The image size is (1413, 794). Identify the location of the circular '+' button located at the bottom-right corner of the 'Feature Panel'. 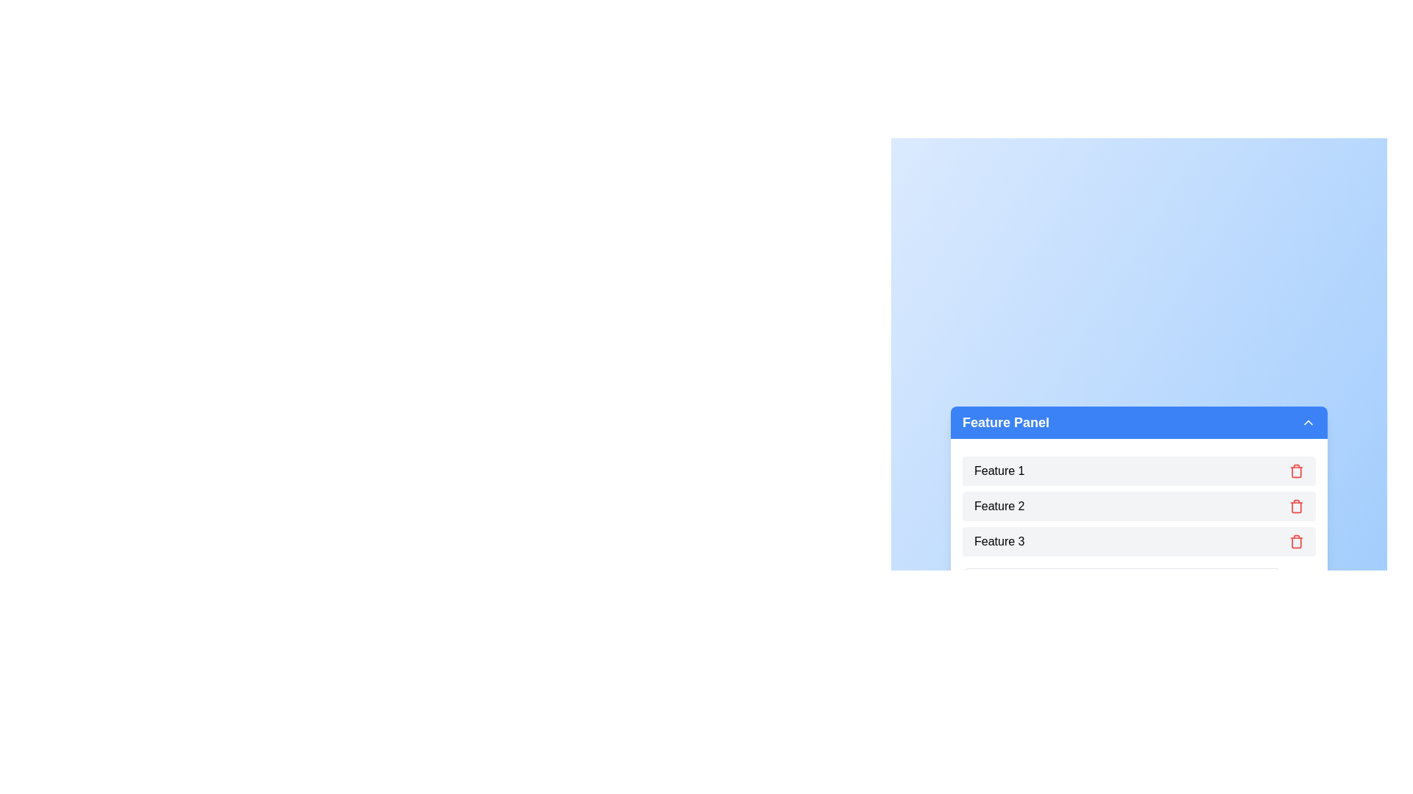
(1296, 583).